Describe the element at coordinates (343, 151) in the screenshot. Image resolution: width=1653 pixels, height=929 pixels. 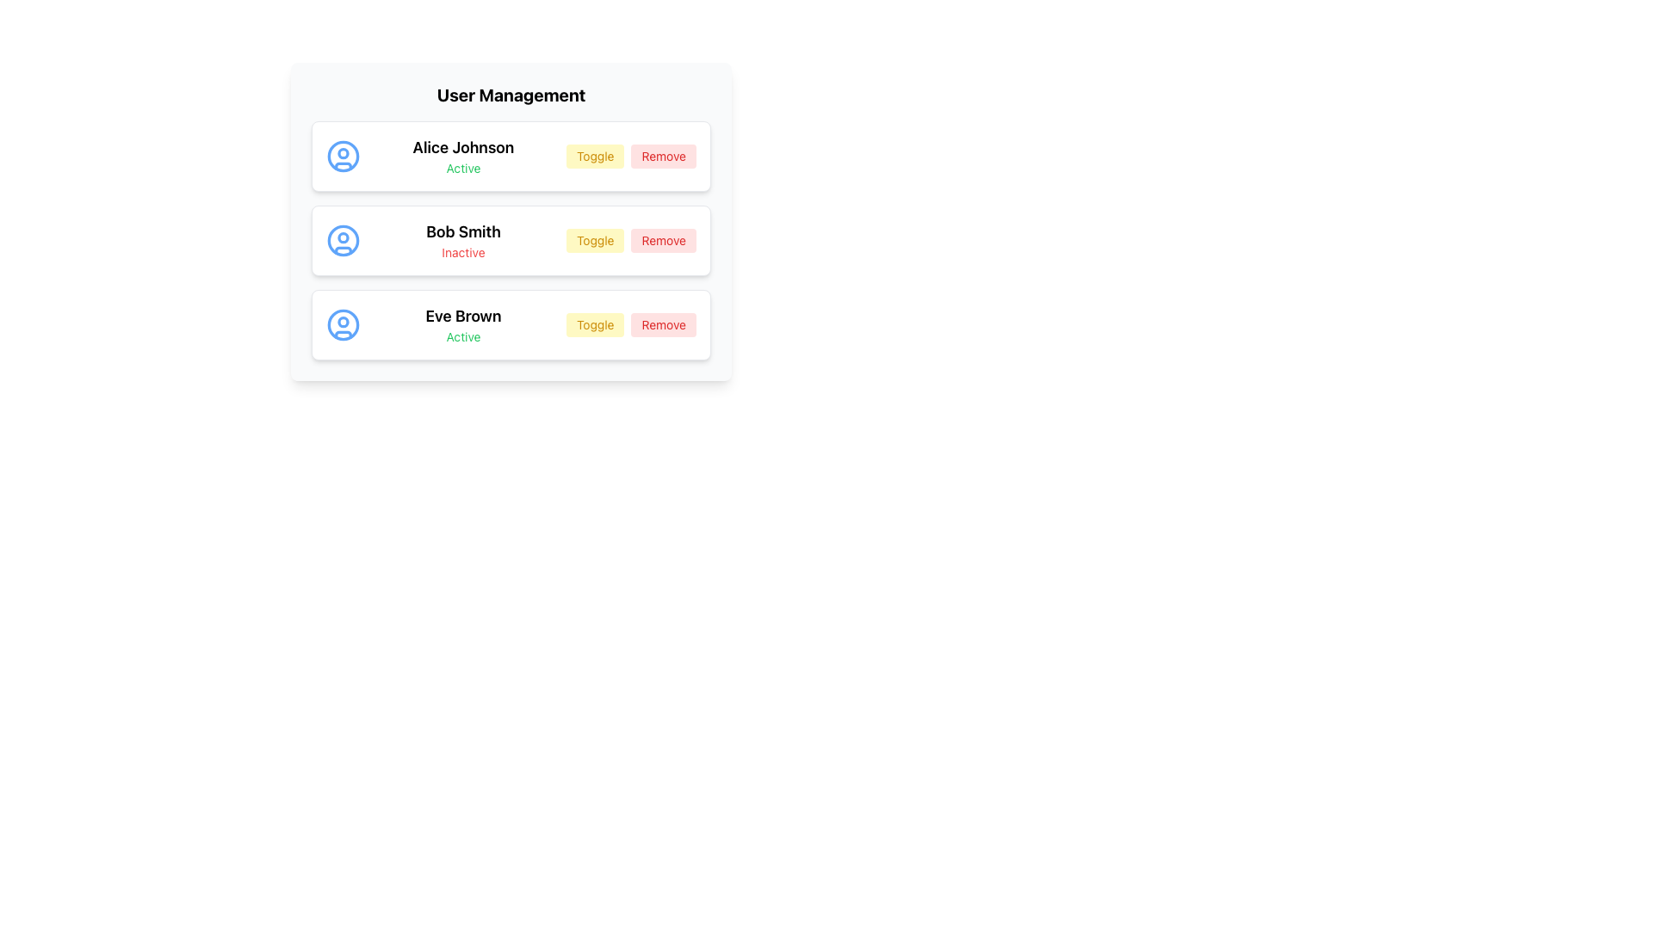
I see `the small circle within the blue user profile icon located to the left of 'Alice Johnson' in the user listing` at that location.